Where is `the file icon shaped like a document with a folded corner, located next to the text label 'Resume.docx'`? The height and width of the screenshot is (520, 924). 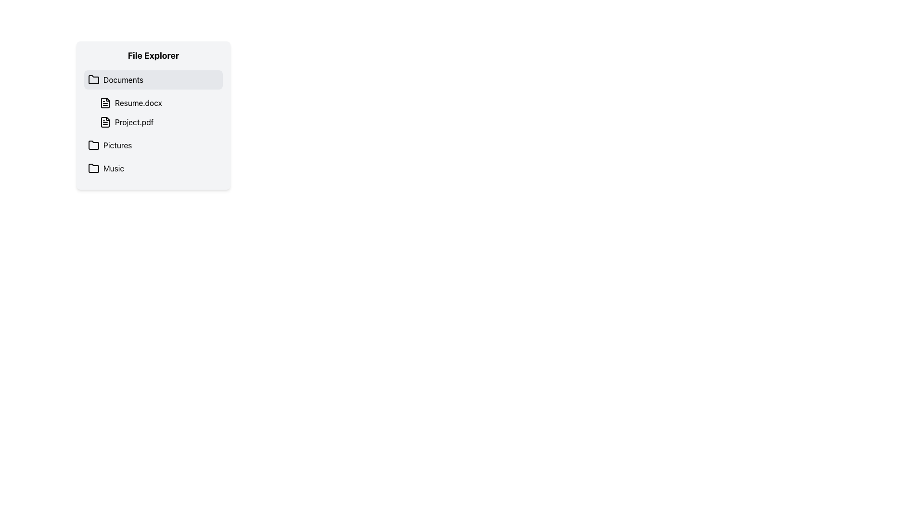
the file icon shaped like a document with a folded corner, located next to the text label 'Resume.docx' is located at coordinates (105, 103).